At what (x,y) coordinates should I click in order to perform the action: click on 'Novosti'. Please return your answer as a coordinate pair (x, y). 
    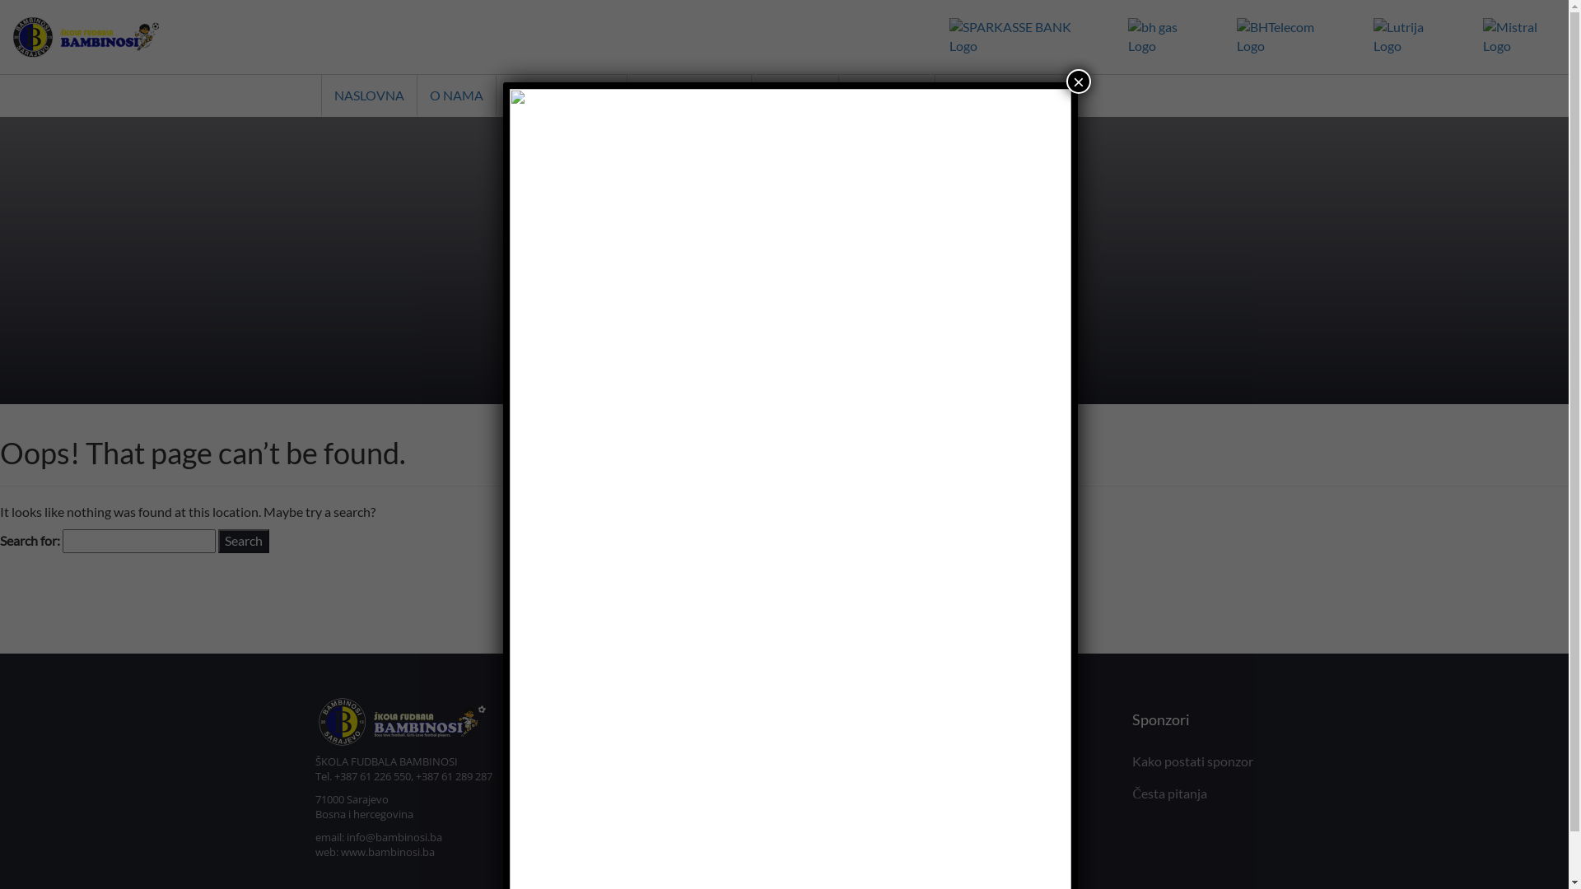
    Looking at the image, I should click on (690, 856).